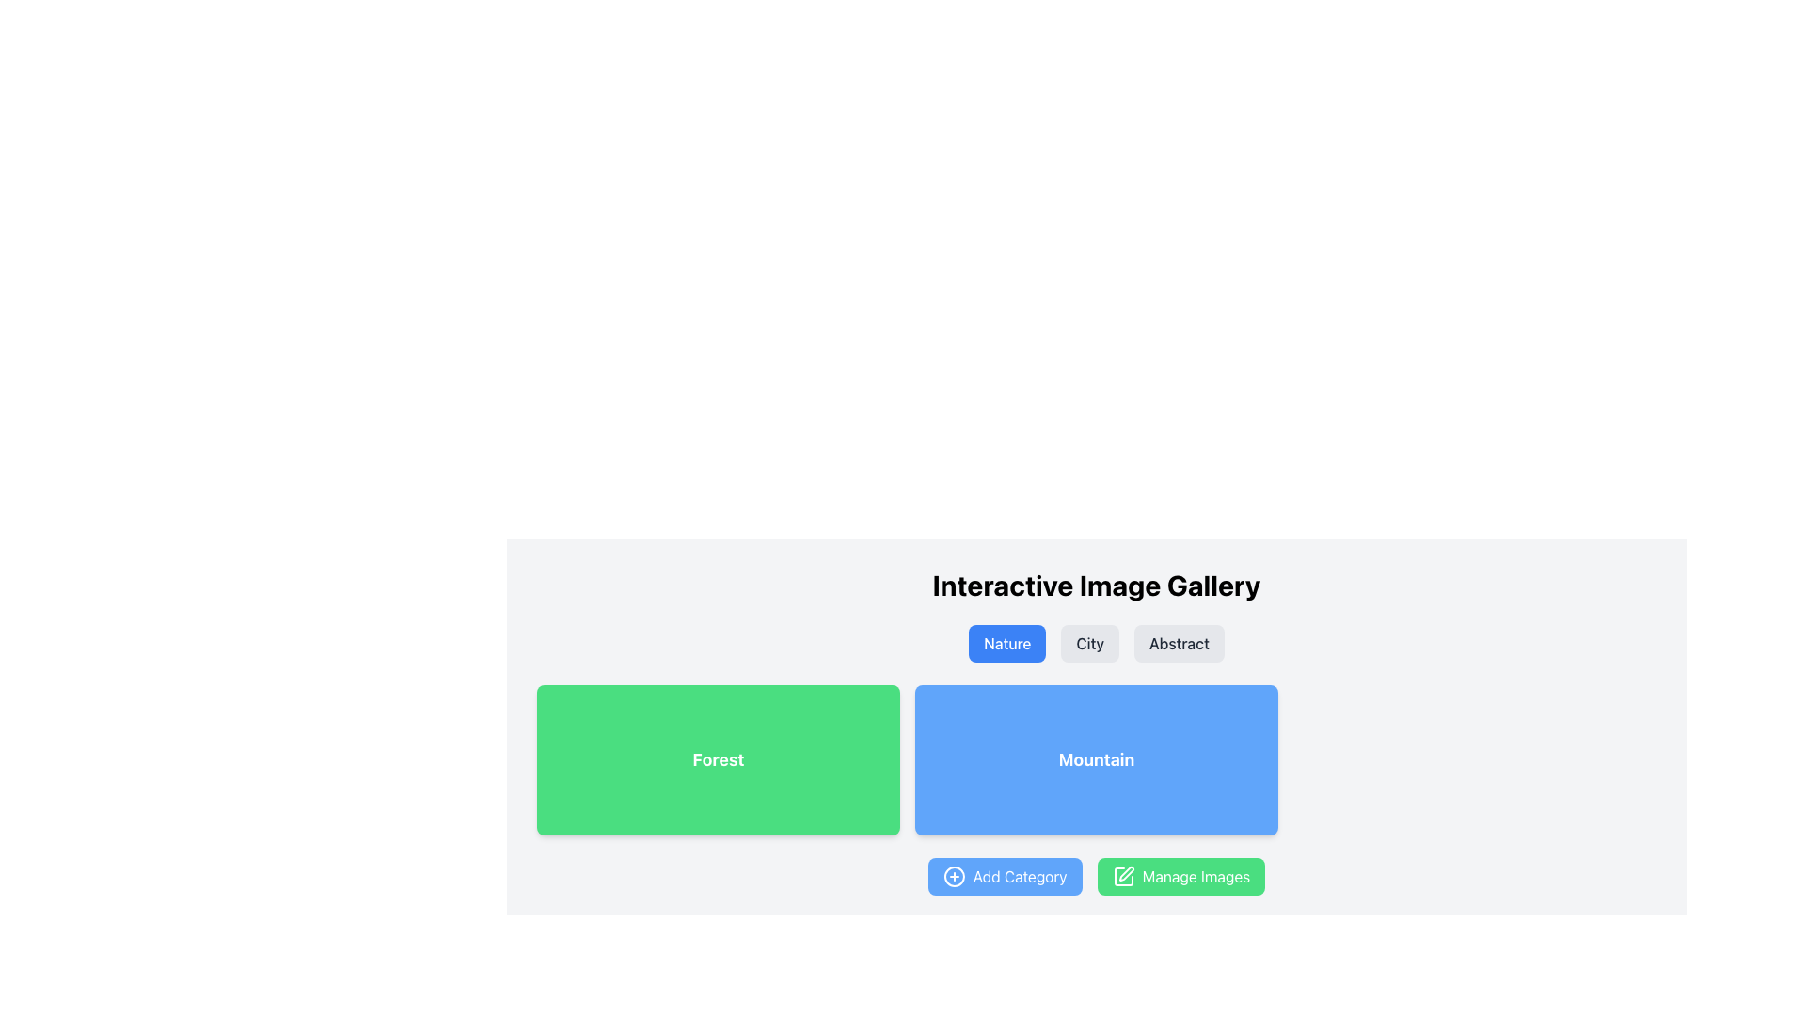 Image resolution: width=1806 pixels, height=1015 pixels. What do you see at coordinates (1123, 877) in the screenshot?
I see `the pencil icon located inside the green button labeled 'Manage Images' to initiate its action` at bounding box center [1123, 877].